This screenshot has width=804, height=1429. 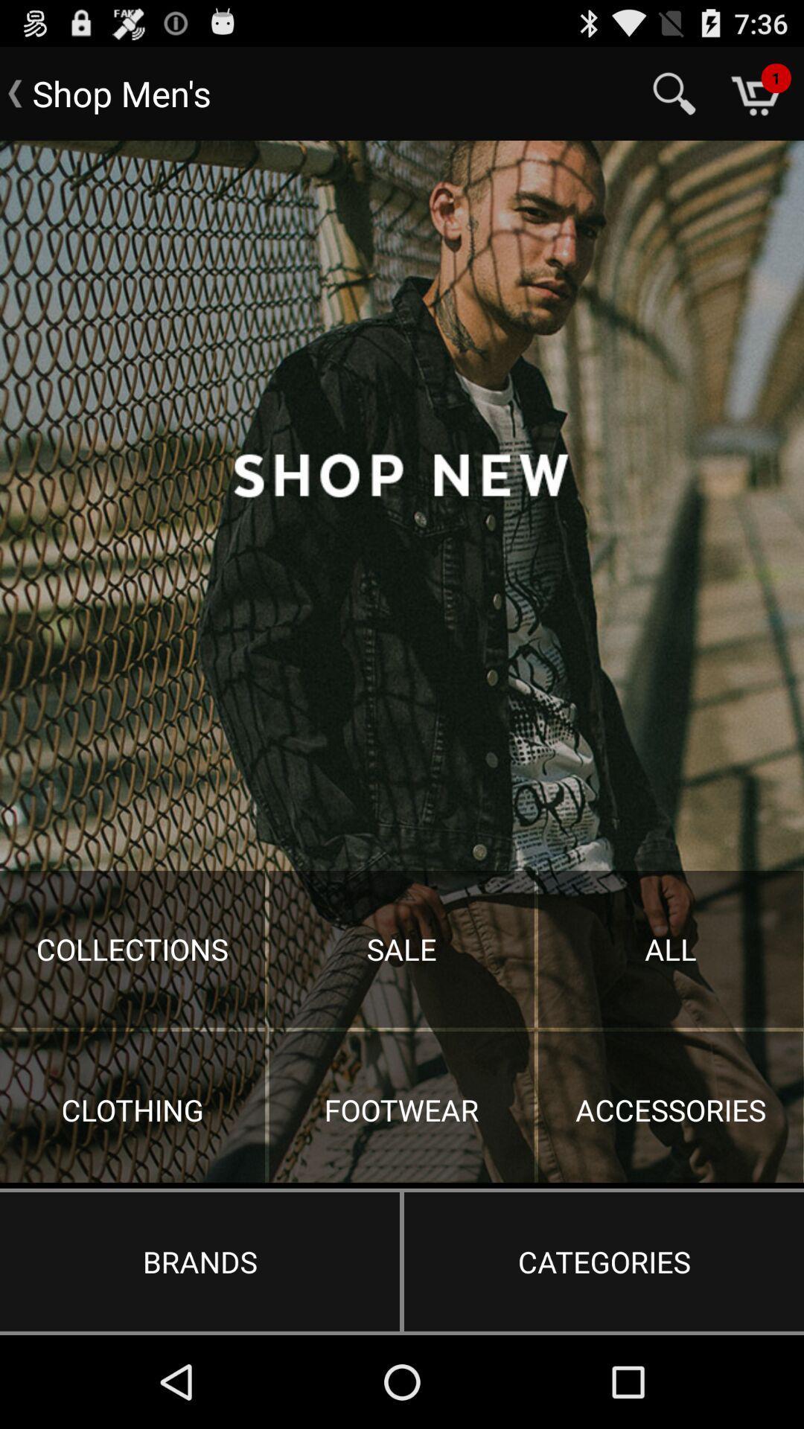 I want to click on the item to the left of the categories item, so click(x=199, y=1261).